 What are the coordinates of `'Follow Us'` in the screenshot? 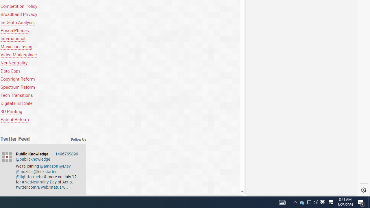 It's located at (78, 139).